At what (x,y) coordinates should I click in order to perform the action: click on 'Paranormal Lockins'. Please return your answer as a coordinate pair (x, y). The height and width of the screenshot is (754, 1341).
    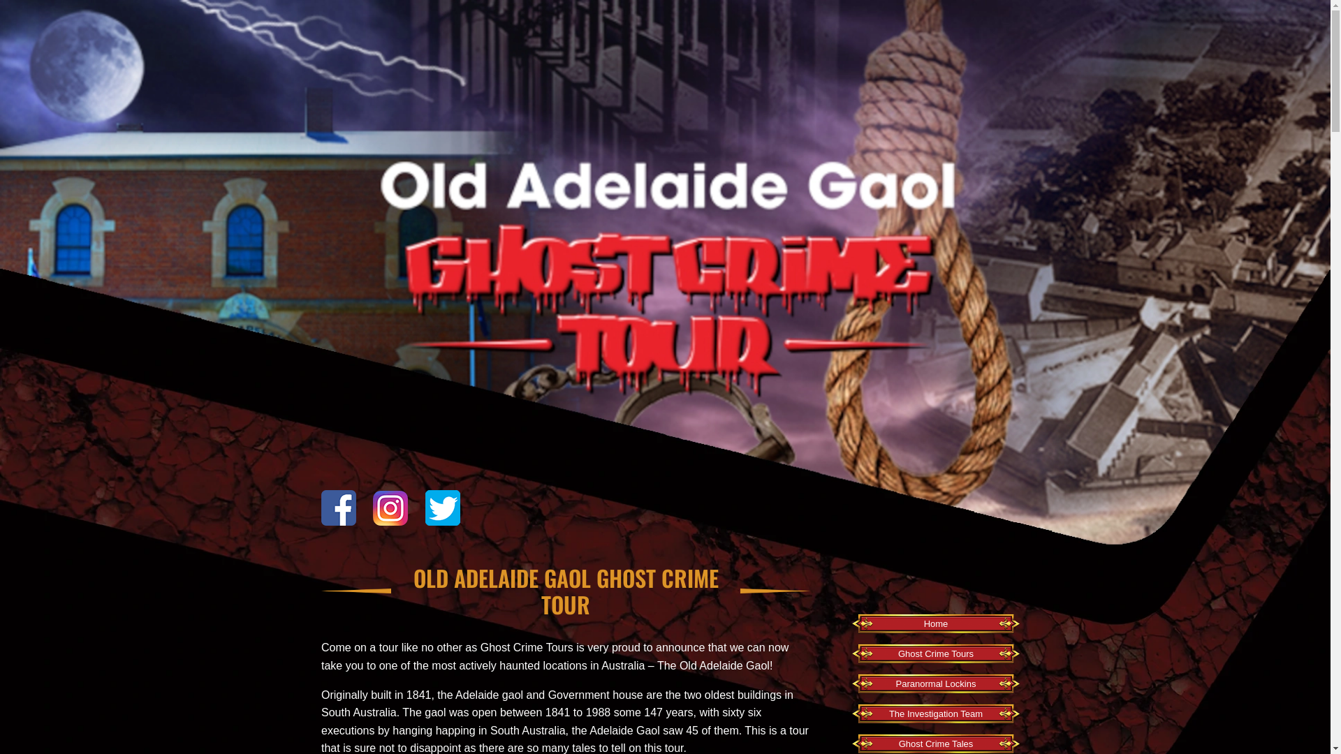
    Looking at the image, I should click on (935, 683).